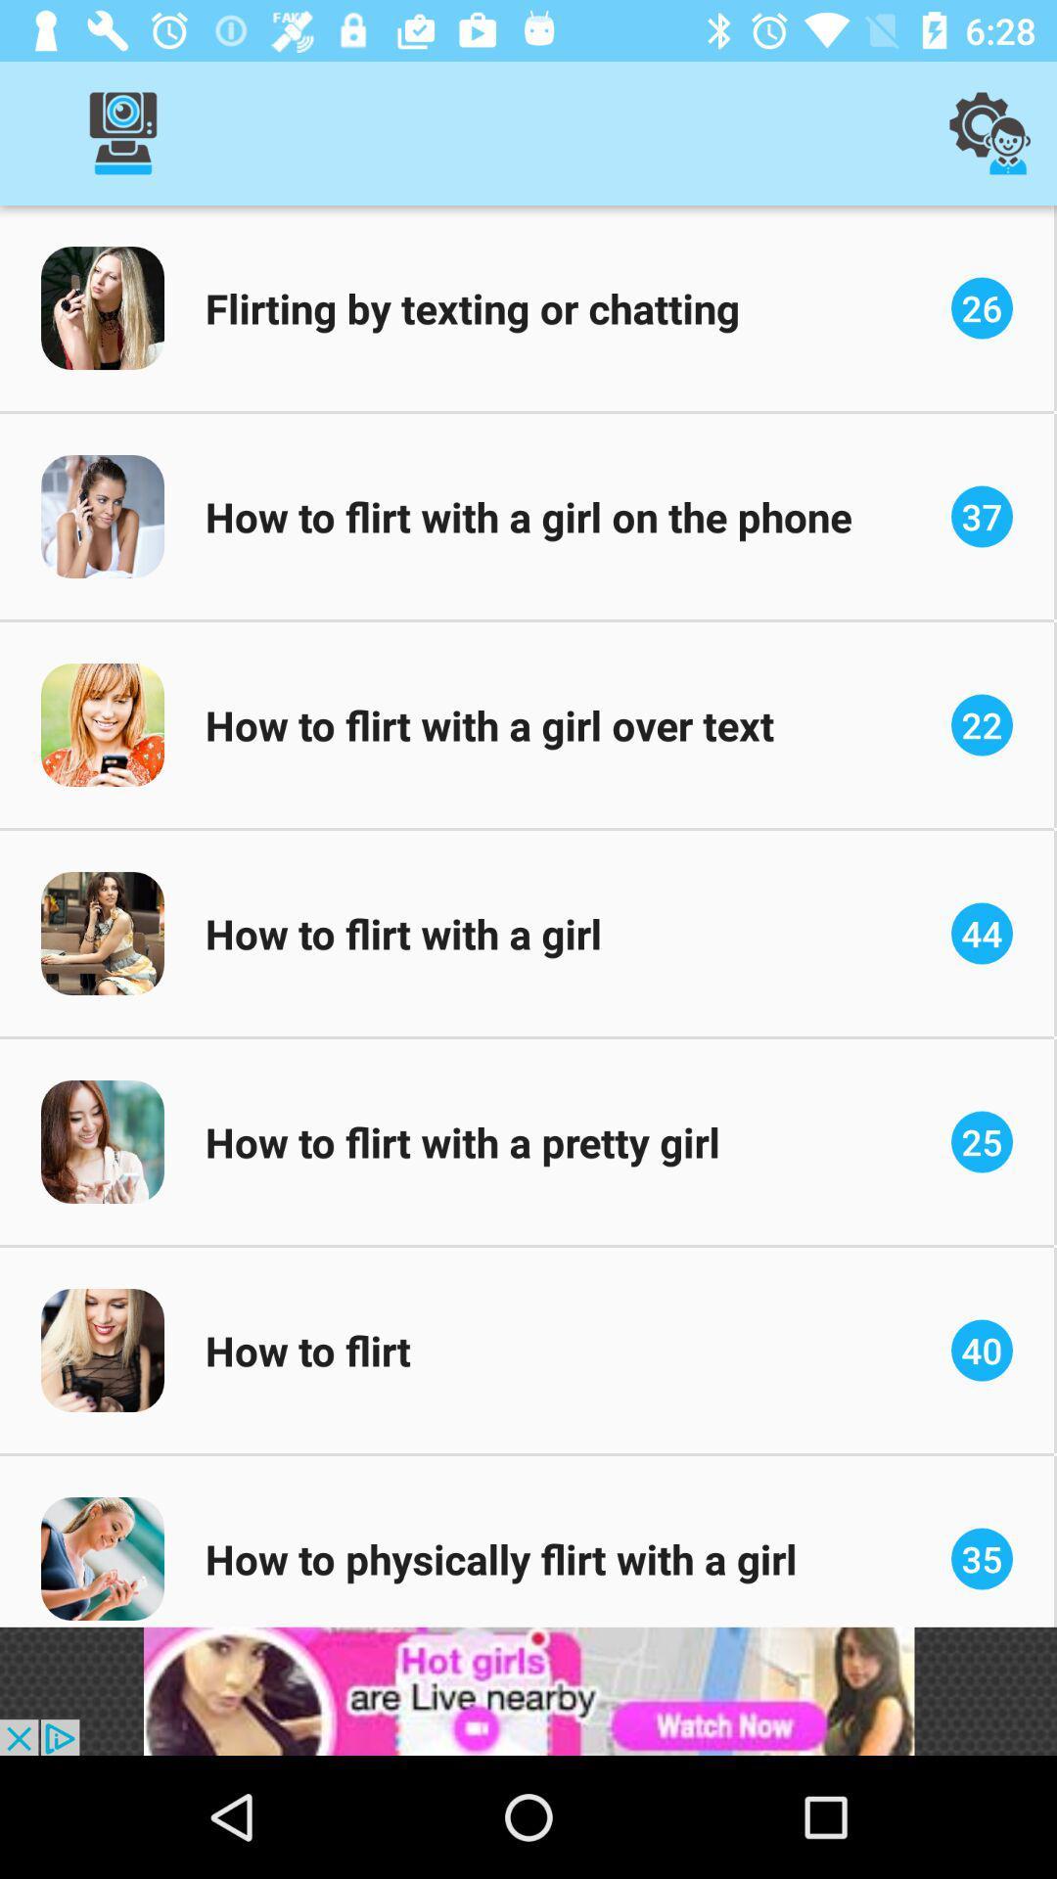 This screenshot has width=1057, height=1879. I want to click on the image which is left to the text how to flirt with a pretty girl, so click(102, 1141).